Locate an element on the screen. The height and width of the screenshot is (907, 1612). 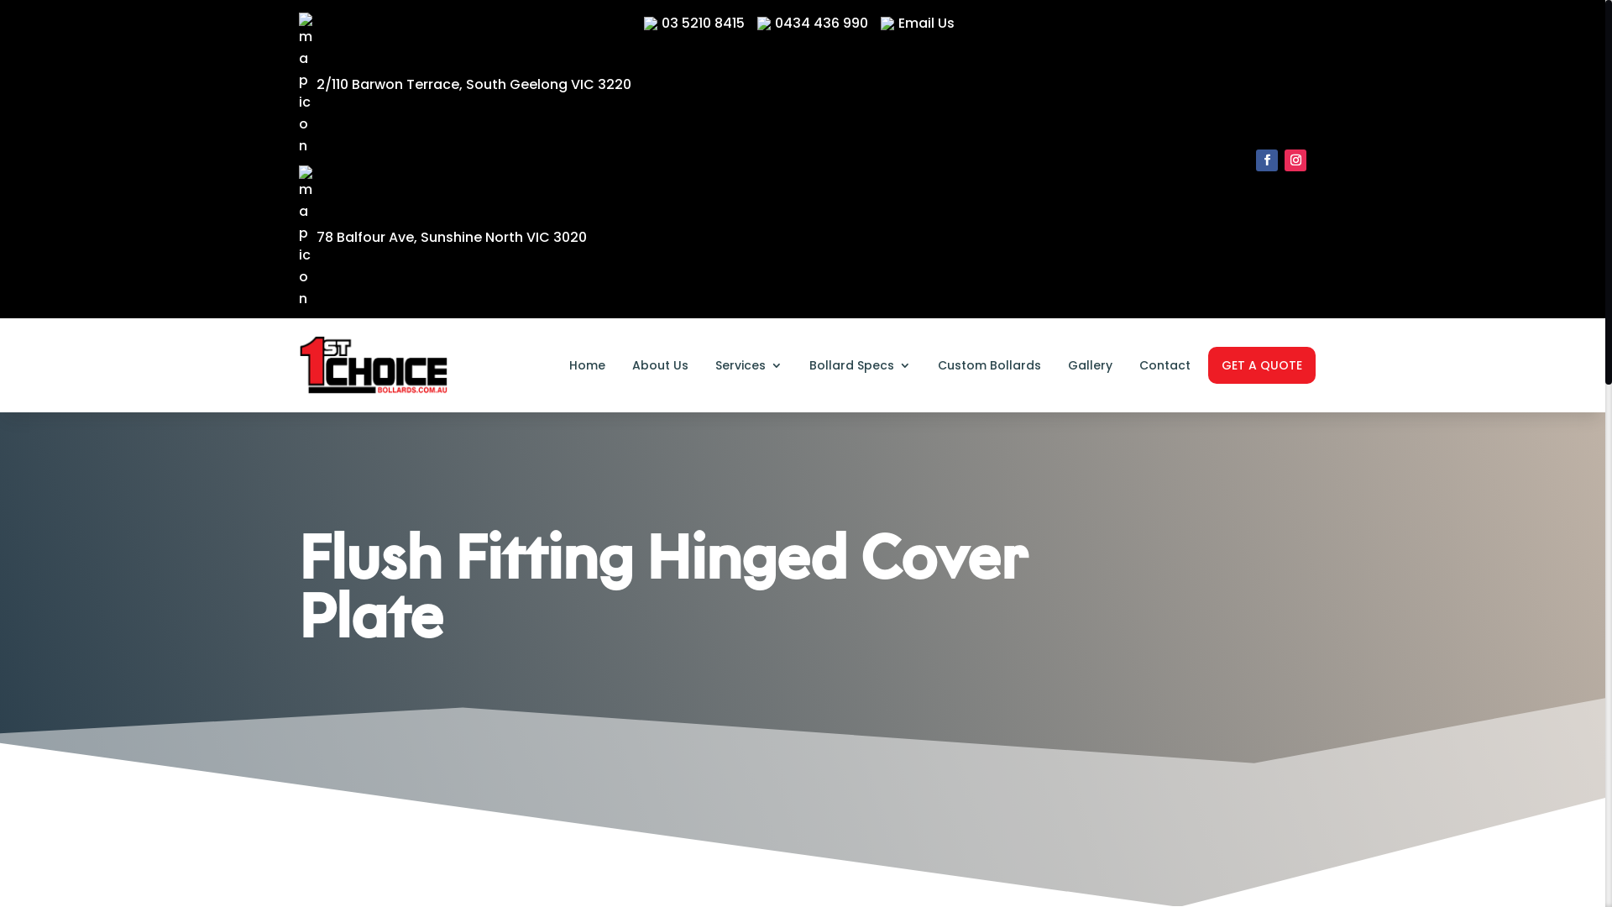
'Follow on Facebook' is located at coordinates (1266, 160).